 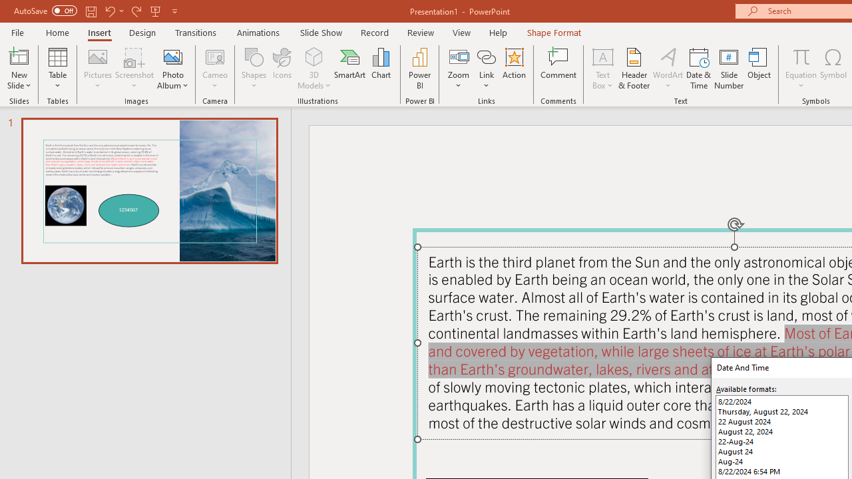 I want to click on 'Shape Format', so click(x=554, y=32).